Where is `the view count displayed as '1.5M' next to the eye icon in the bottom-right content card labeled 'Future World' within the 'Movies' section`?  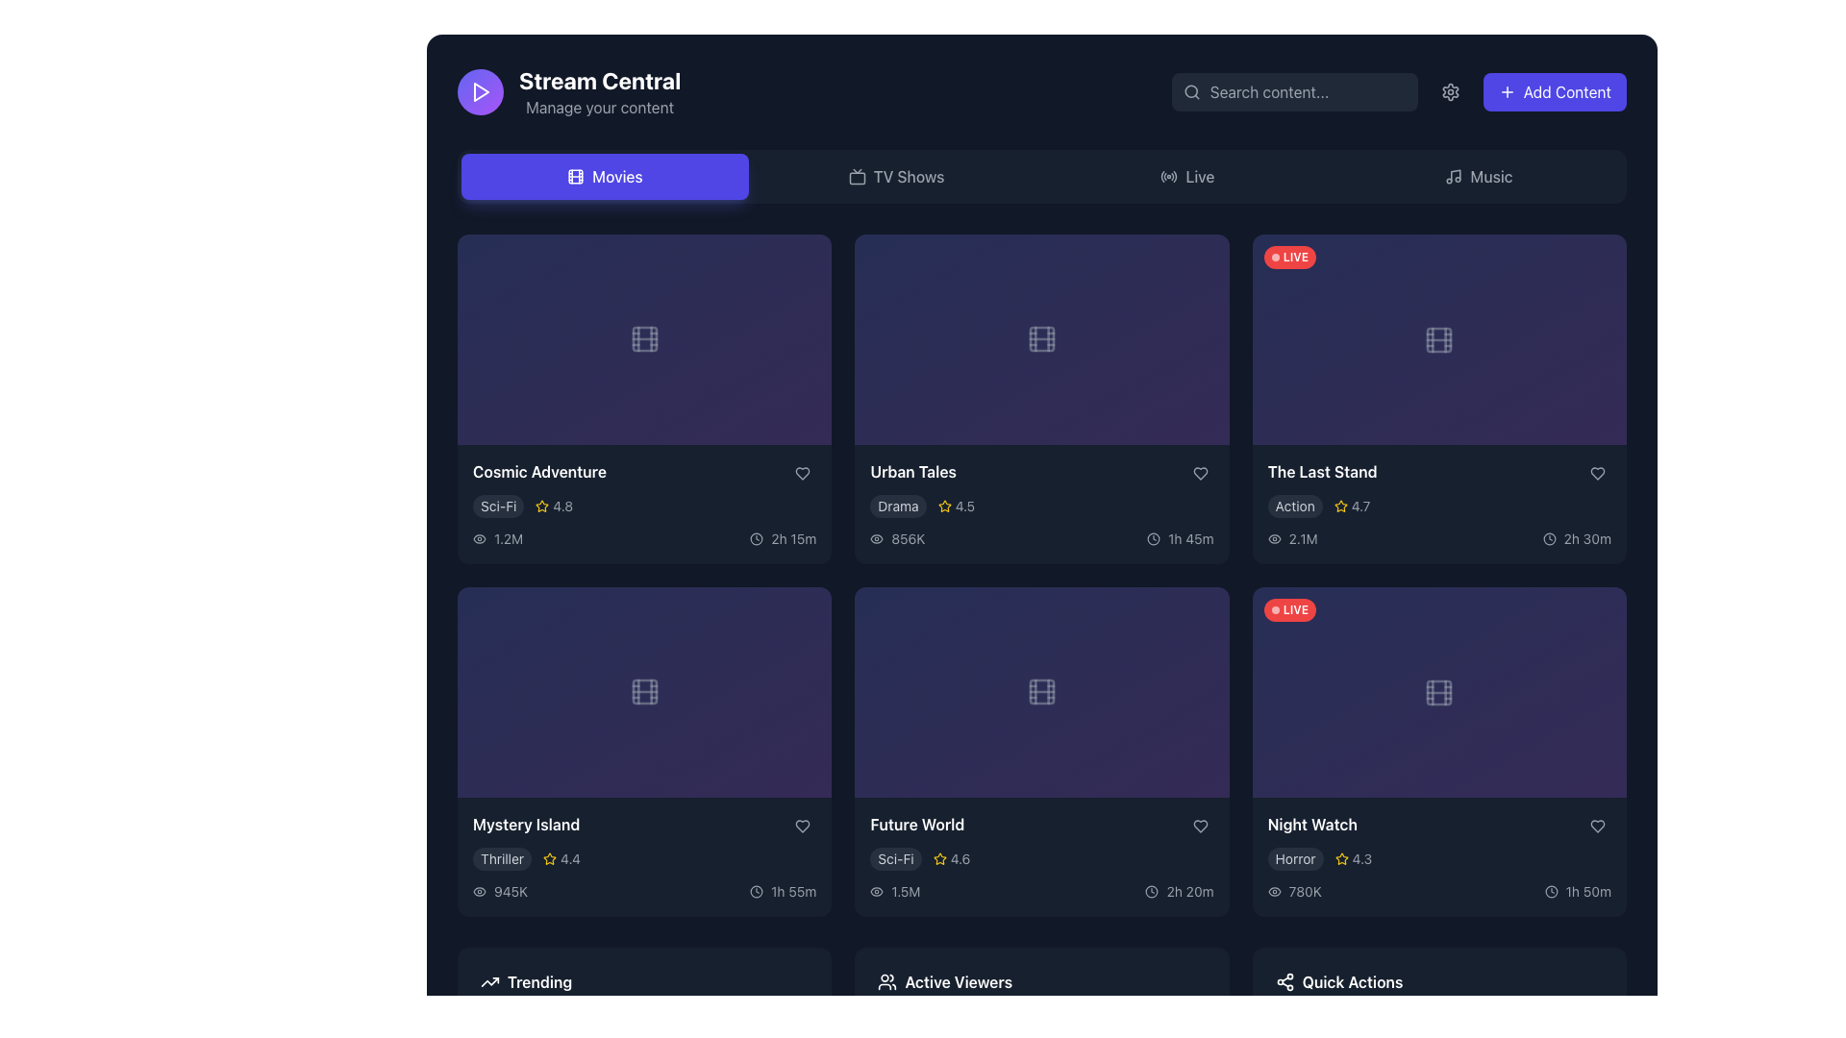
the view count displayed as '1.5M' next to the eye icon in the bottom-right content card labeled 'Future World' within the 'Movies' section is located at coordinates (894, 891).